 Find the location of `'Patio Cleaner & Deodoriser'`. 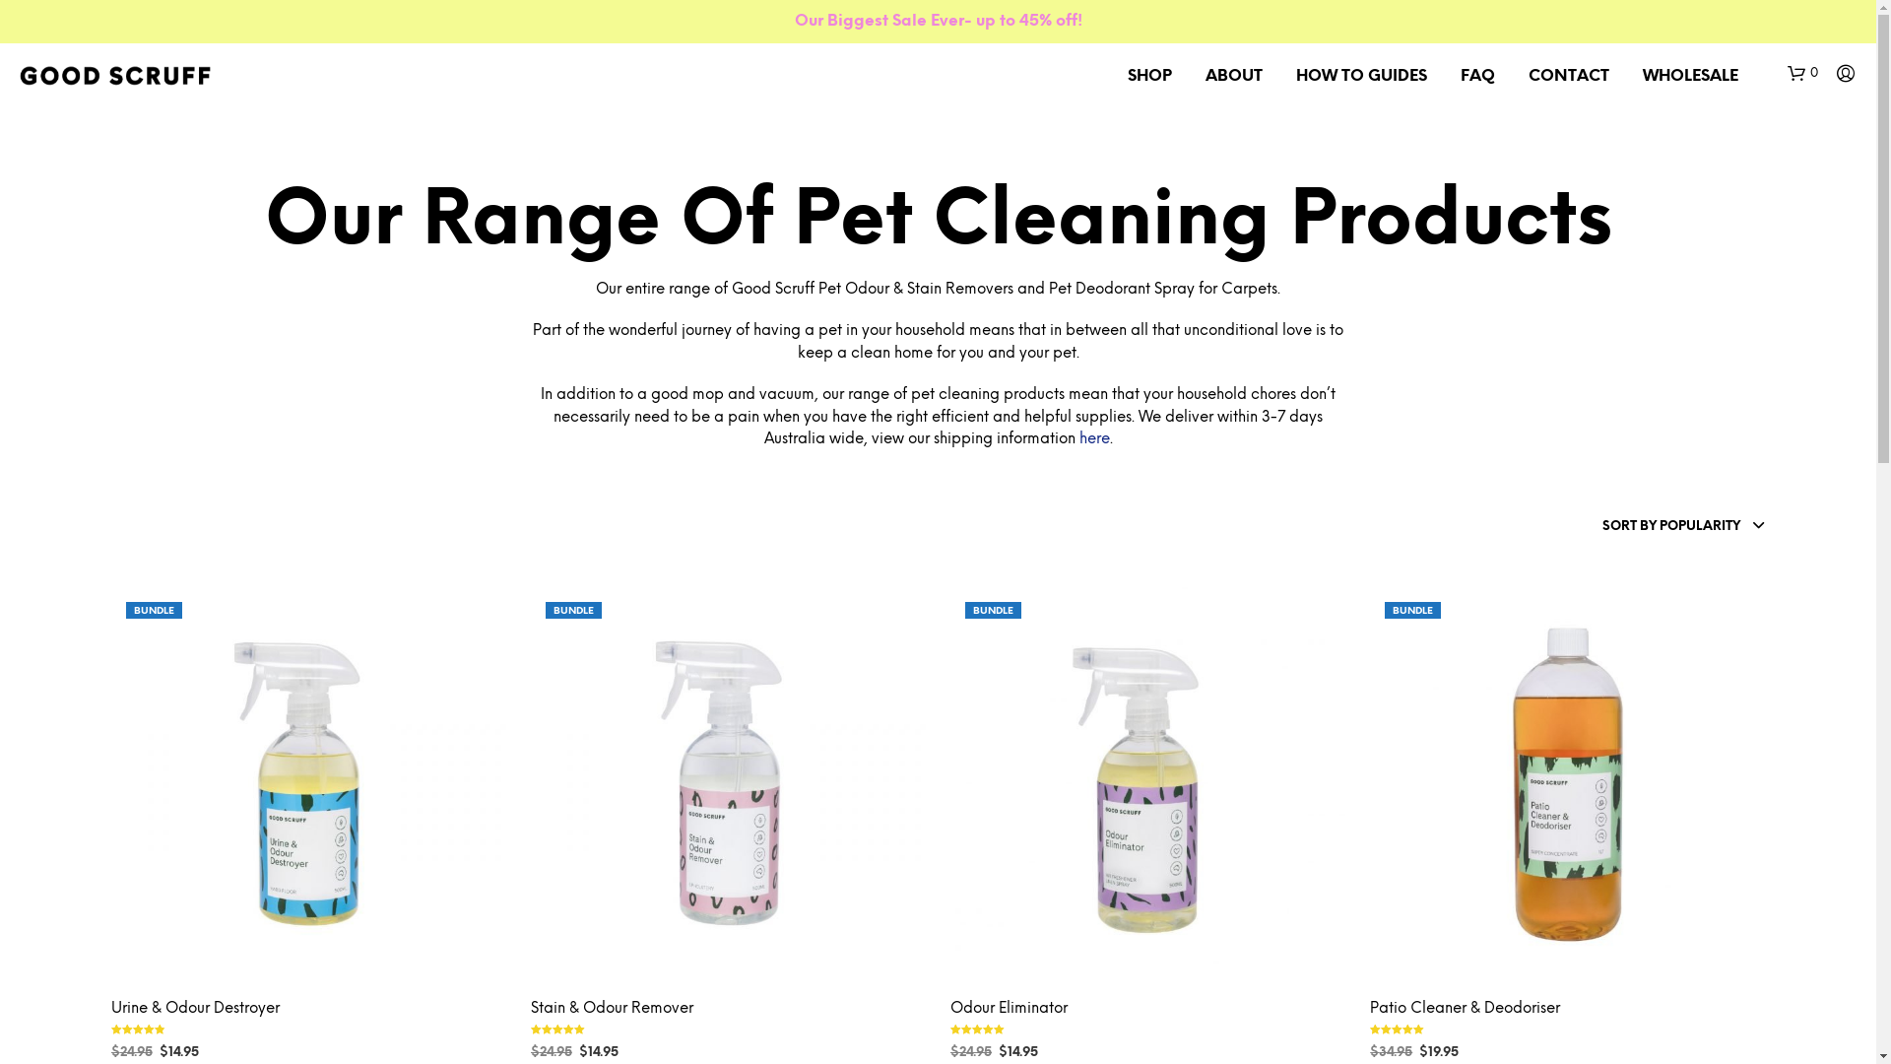

'Patio Cleaner & Deodoriser' is located at coordinates (1465, 1009).